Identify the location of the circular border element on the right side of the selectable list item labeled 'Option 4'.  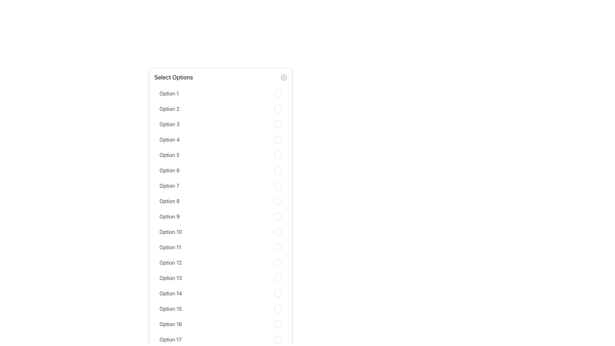
(221, 139).